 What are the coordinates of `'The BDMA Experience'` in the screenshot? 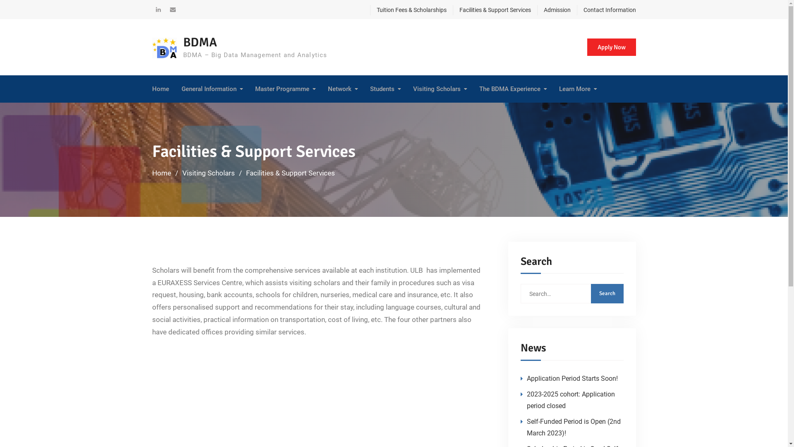 It's located at (512, 89).